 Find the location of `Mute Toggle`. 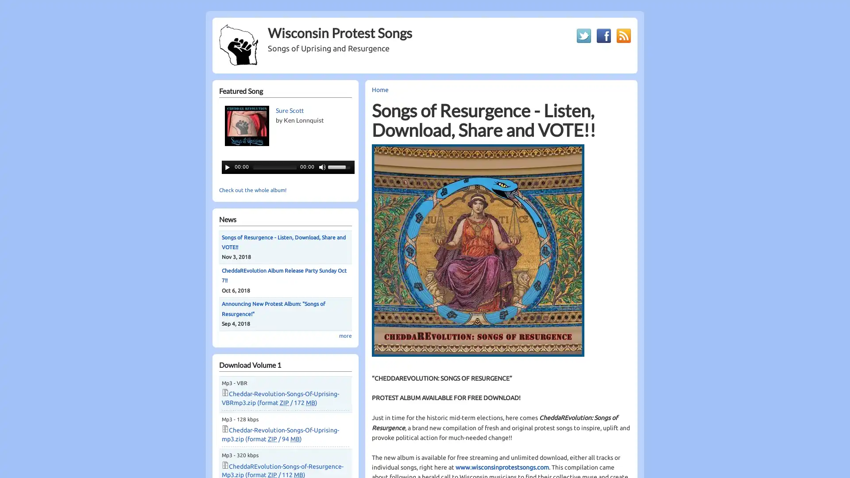

Mute Toggle is located at coordinates (322, 167).